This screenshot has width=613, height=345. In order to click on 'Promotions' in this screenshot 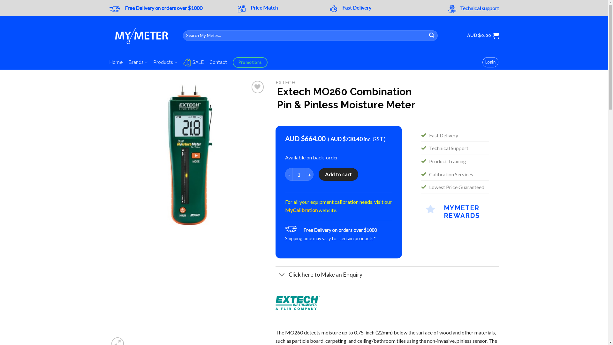, I will do `click(250, 62)`.